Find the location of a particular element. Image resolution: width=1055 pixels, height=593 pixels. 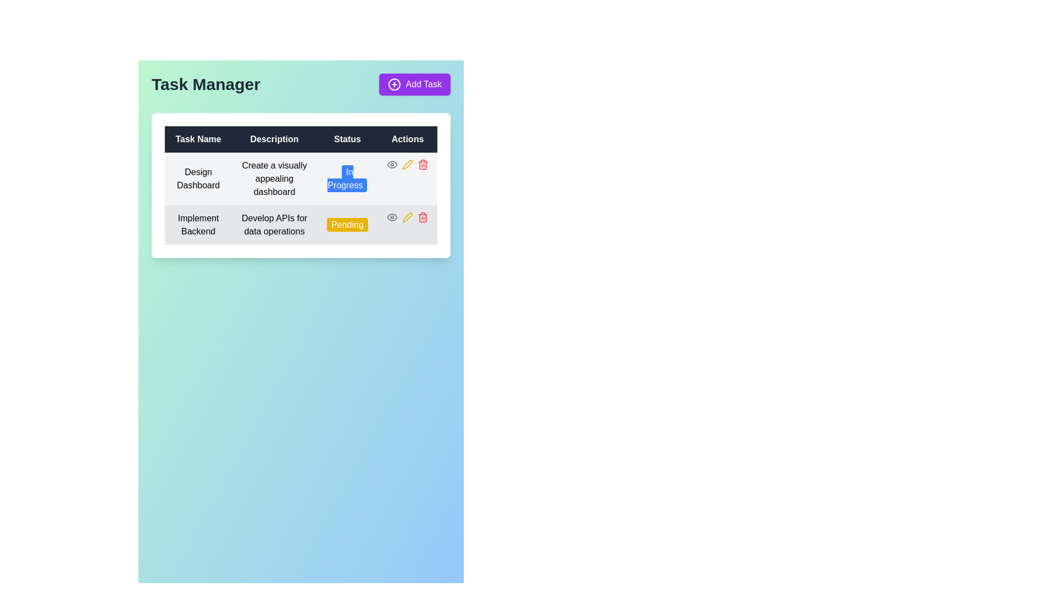

the red trash icon, which is the last icon in the 'Actions' column of the task manager interface is located at coordinates (422, 217).